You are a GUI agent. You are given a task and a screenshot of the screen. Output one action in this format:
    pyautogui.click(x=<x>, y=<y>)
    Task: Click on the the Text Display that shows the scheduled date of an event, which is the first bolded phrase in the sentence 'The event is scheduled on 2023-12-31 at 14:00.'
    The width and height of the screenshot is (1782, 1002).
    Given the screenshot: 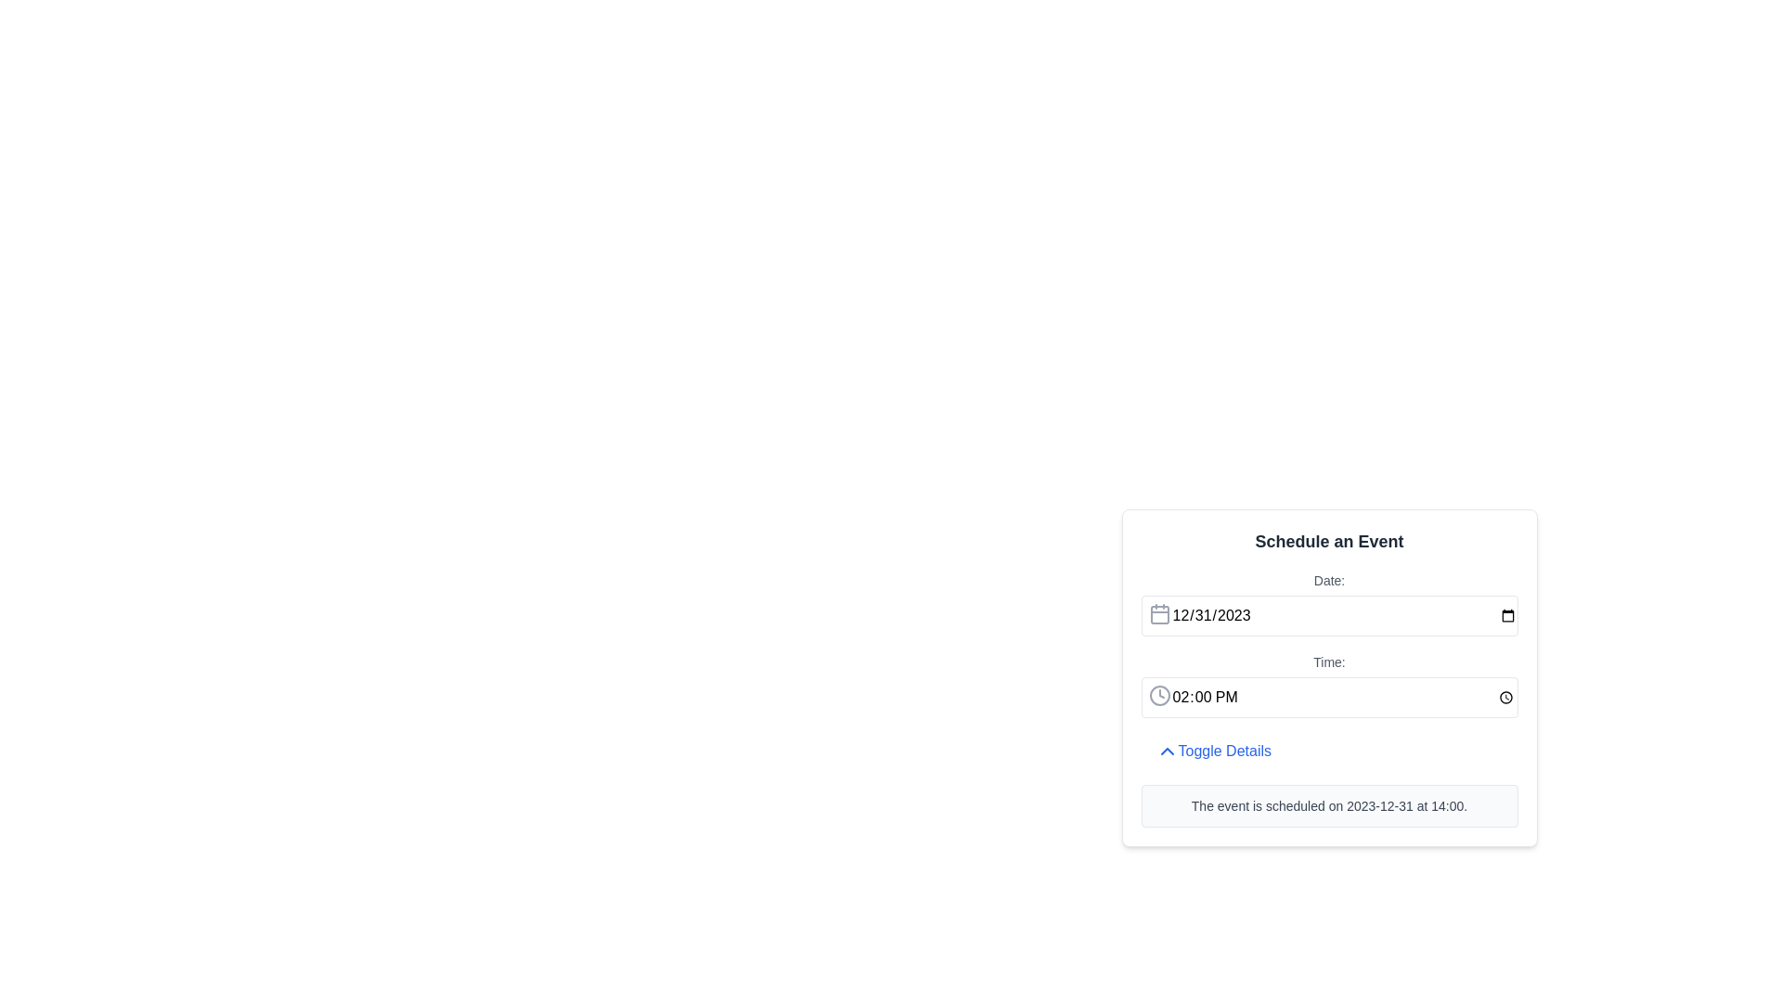 What is the action you would take?
    pyautogui.click(x=1380, y=804)
    